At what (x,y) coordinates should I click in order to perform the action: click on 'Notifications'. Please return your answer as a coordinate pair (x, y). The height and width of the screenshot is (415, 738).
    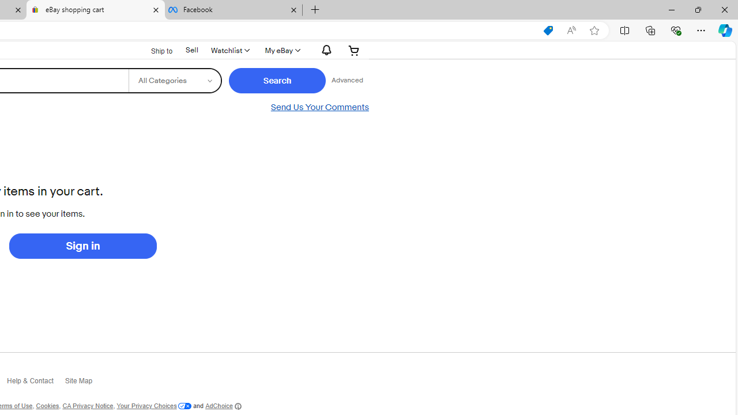
    Looking at the image, I should click on (323, 50).